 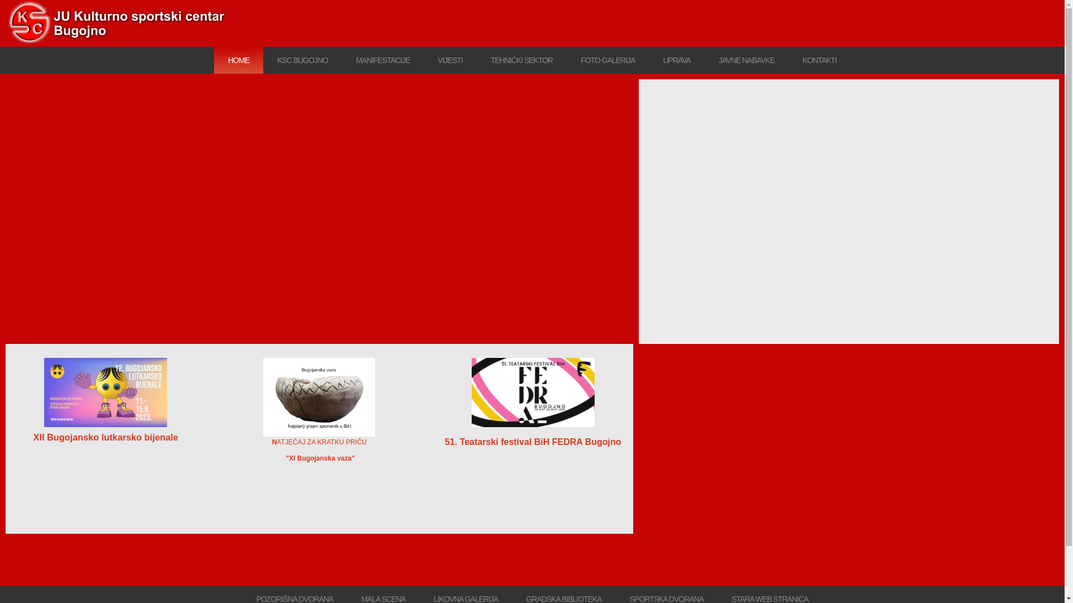 I want to click on 'KSC BUGOJNO', so click(x=302, y=60).